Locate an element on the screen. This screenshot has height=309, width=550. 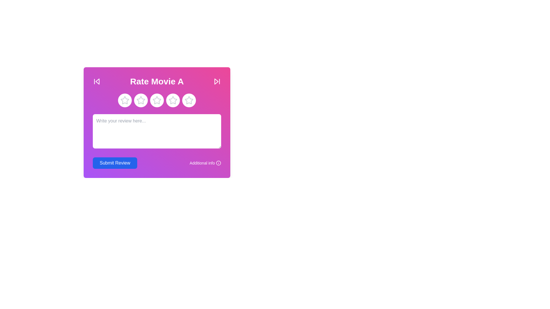
the header text display indicating the purpose of the card for rating 'Movie A', located at the top-center of the card interface is located at coordinates (157, 82).